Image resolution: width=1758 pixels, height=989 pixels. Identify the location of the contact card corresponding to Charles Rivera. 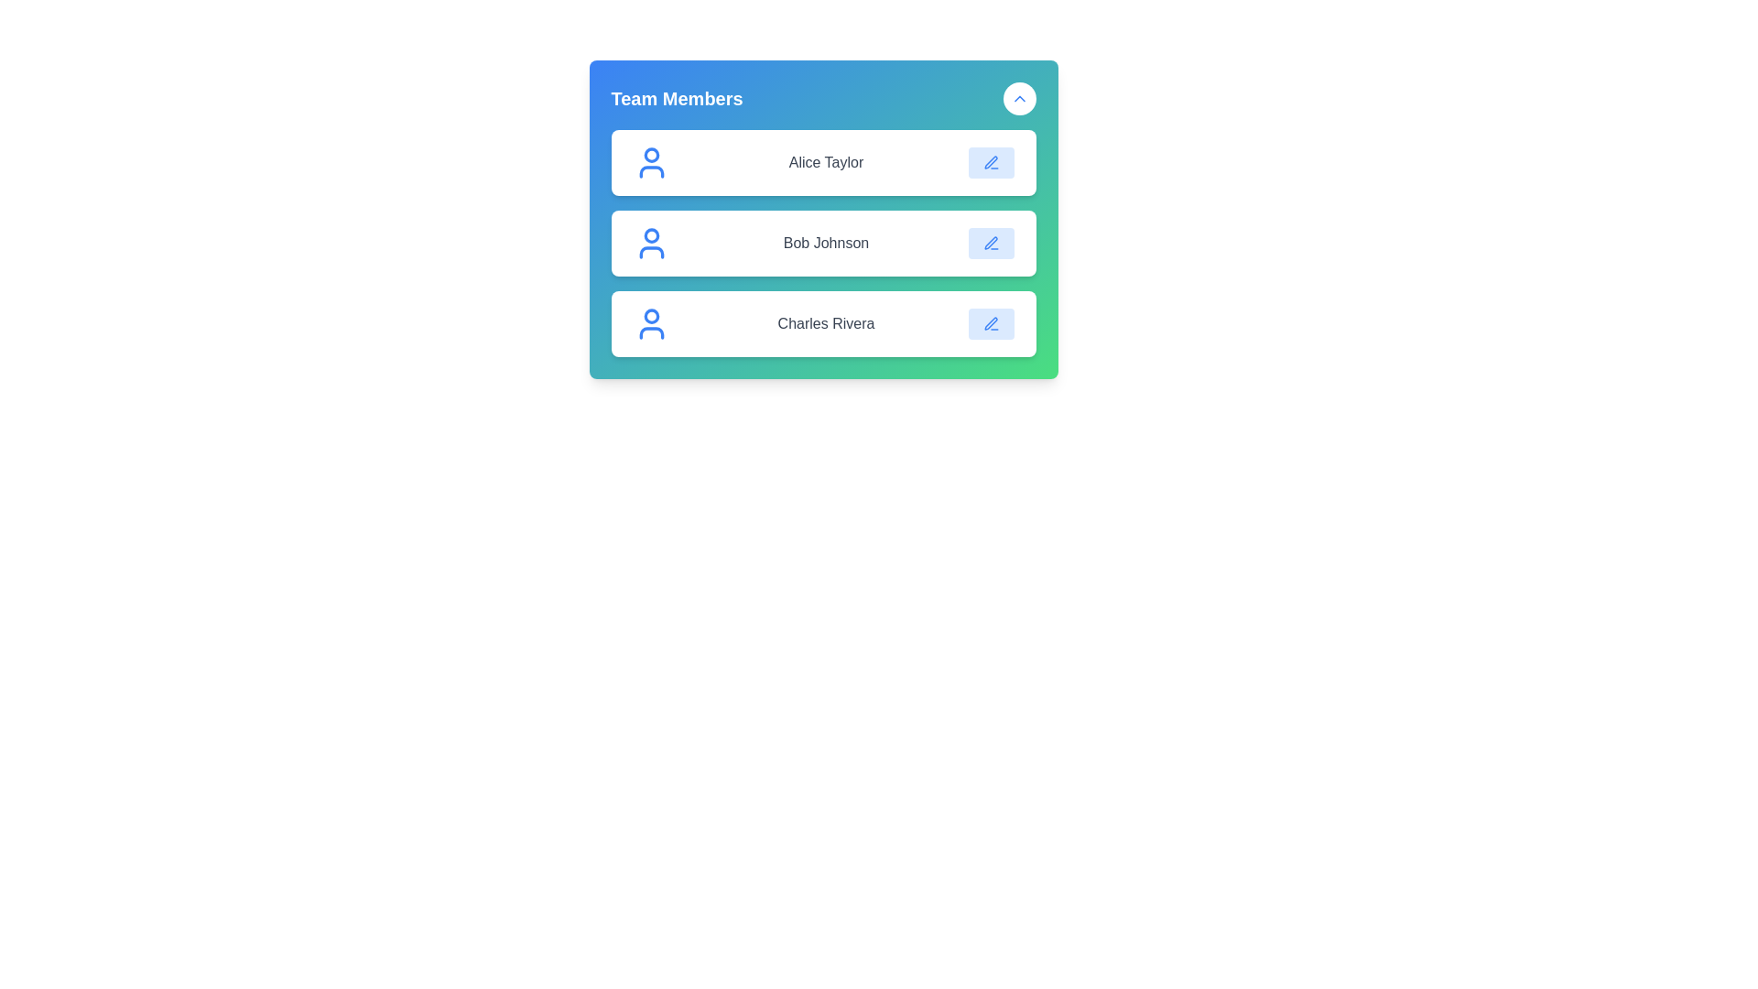
(822, 323).